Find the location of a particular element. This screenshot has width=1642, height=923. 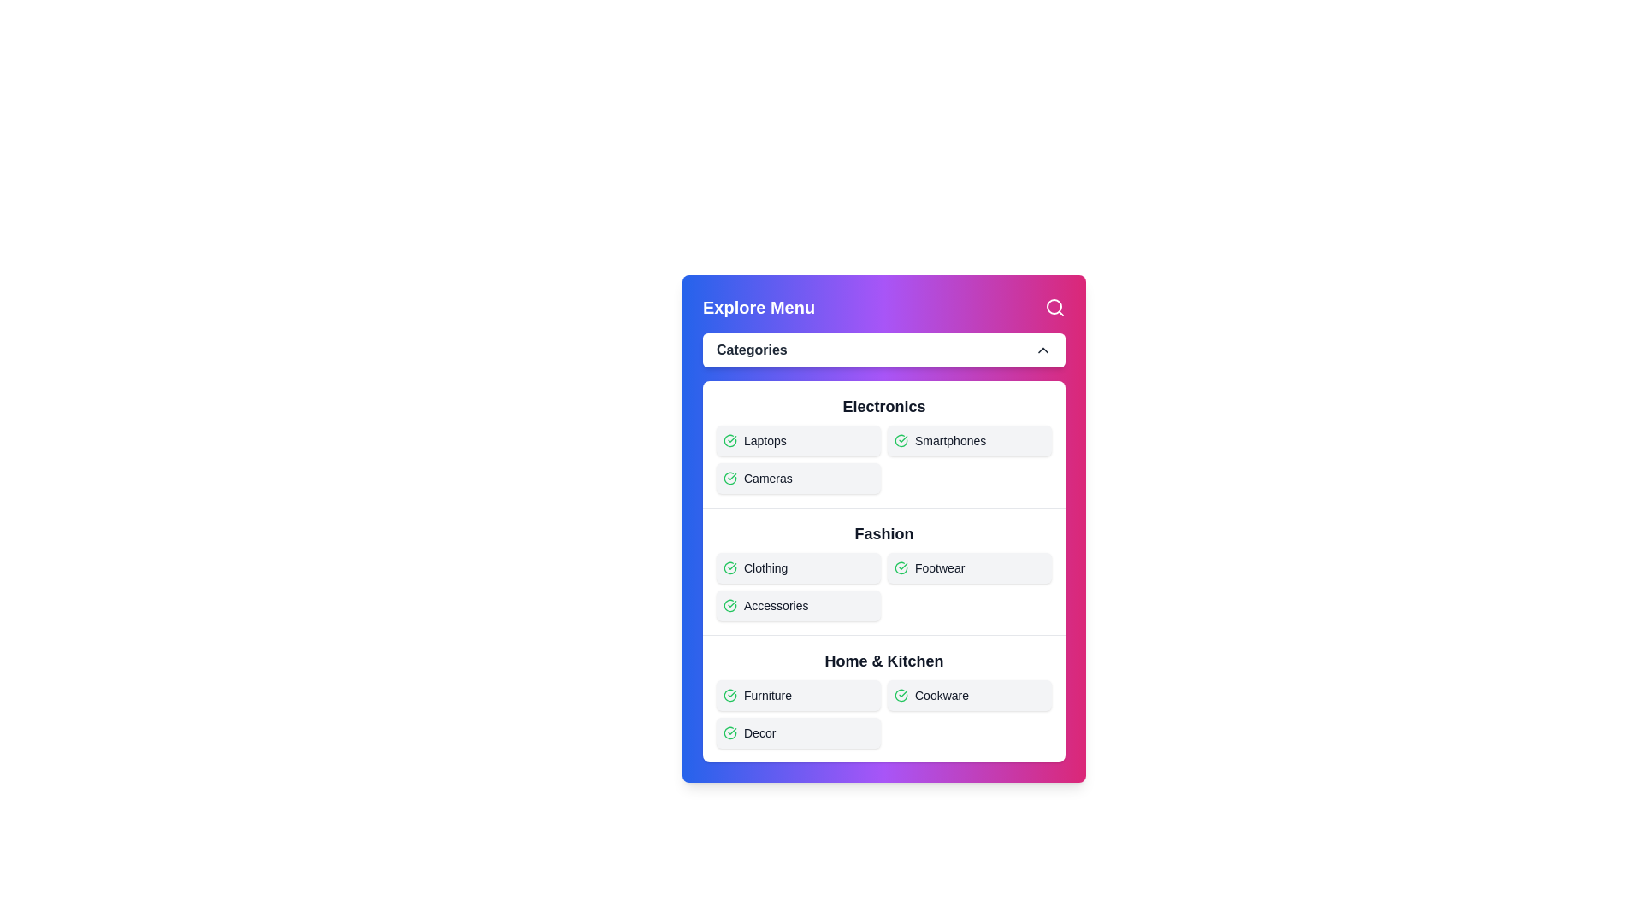

the category buttons in the 'Home & Kitchen' section grid layout is located at coordinates (883, 714).